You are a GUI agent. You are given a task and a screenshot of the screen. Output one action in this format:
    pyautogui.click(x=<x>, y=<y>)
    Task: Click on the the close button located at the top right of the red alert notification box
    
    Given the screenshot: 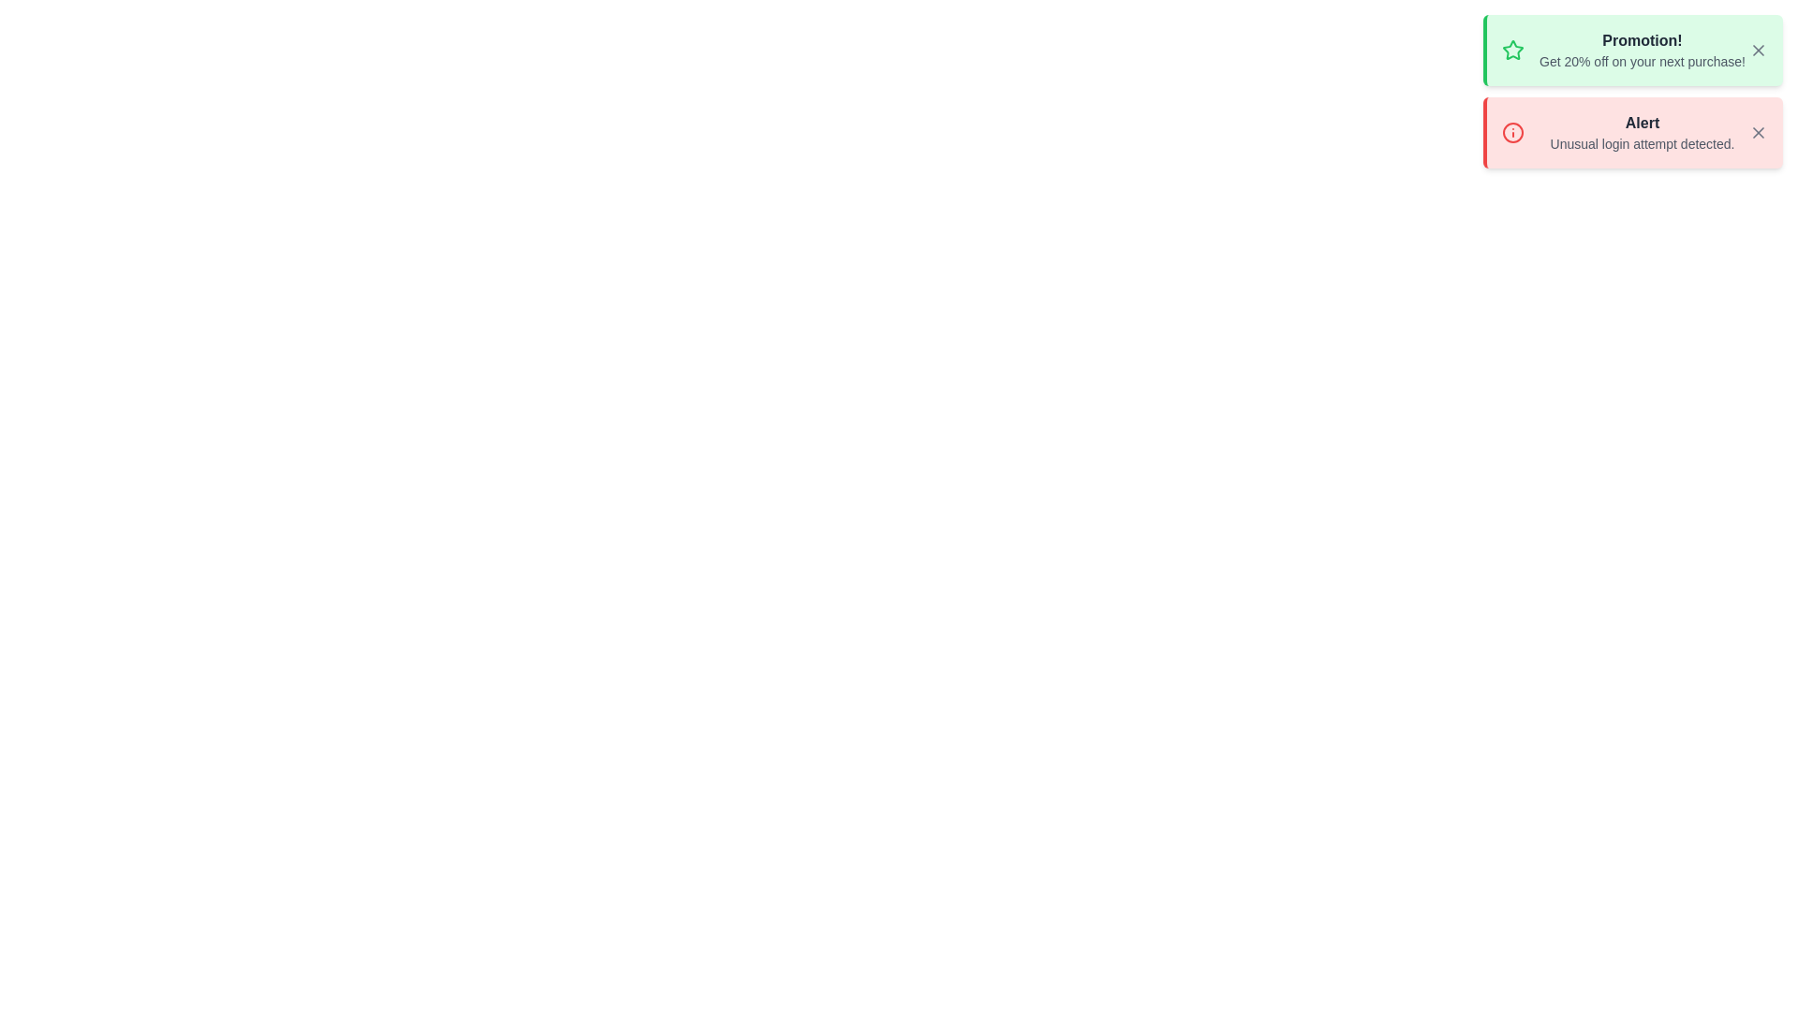 What is the action you would take?
    pyautogui.click(x=1757, y=132)
    